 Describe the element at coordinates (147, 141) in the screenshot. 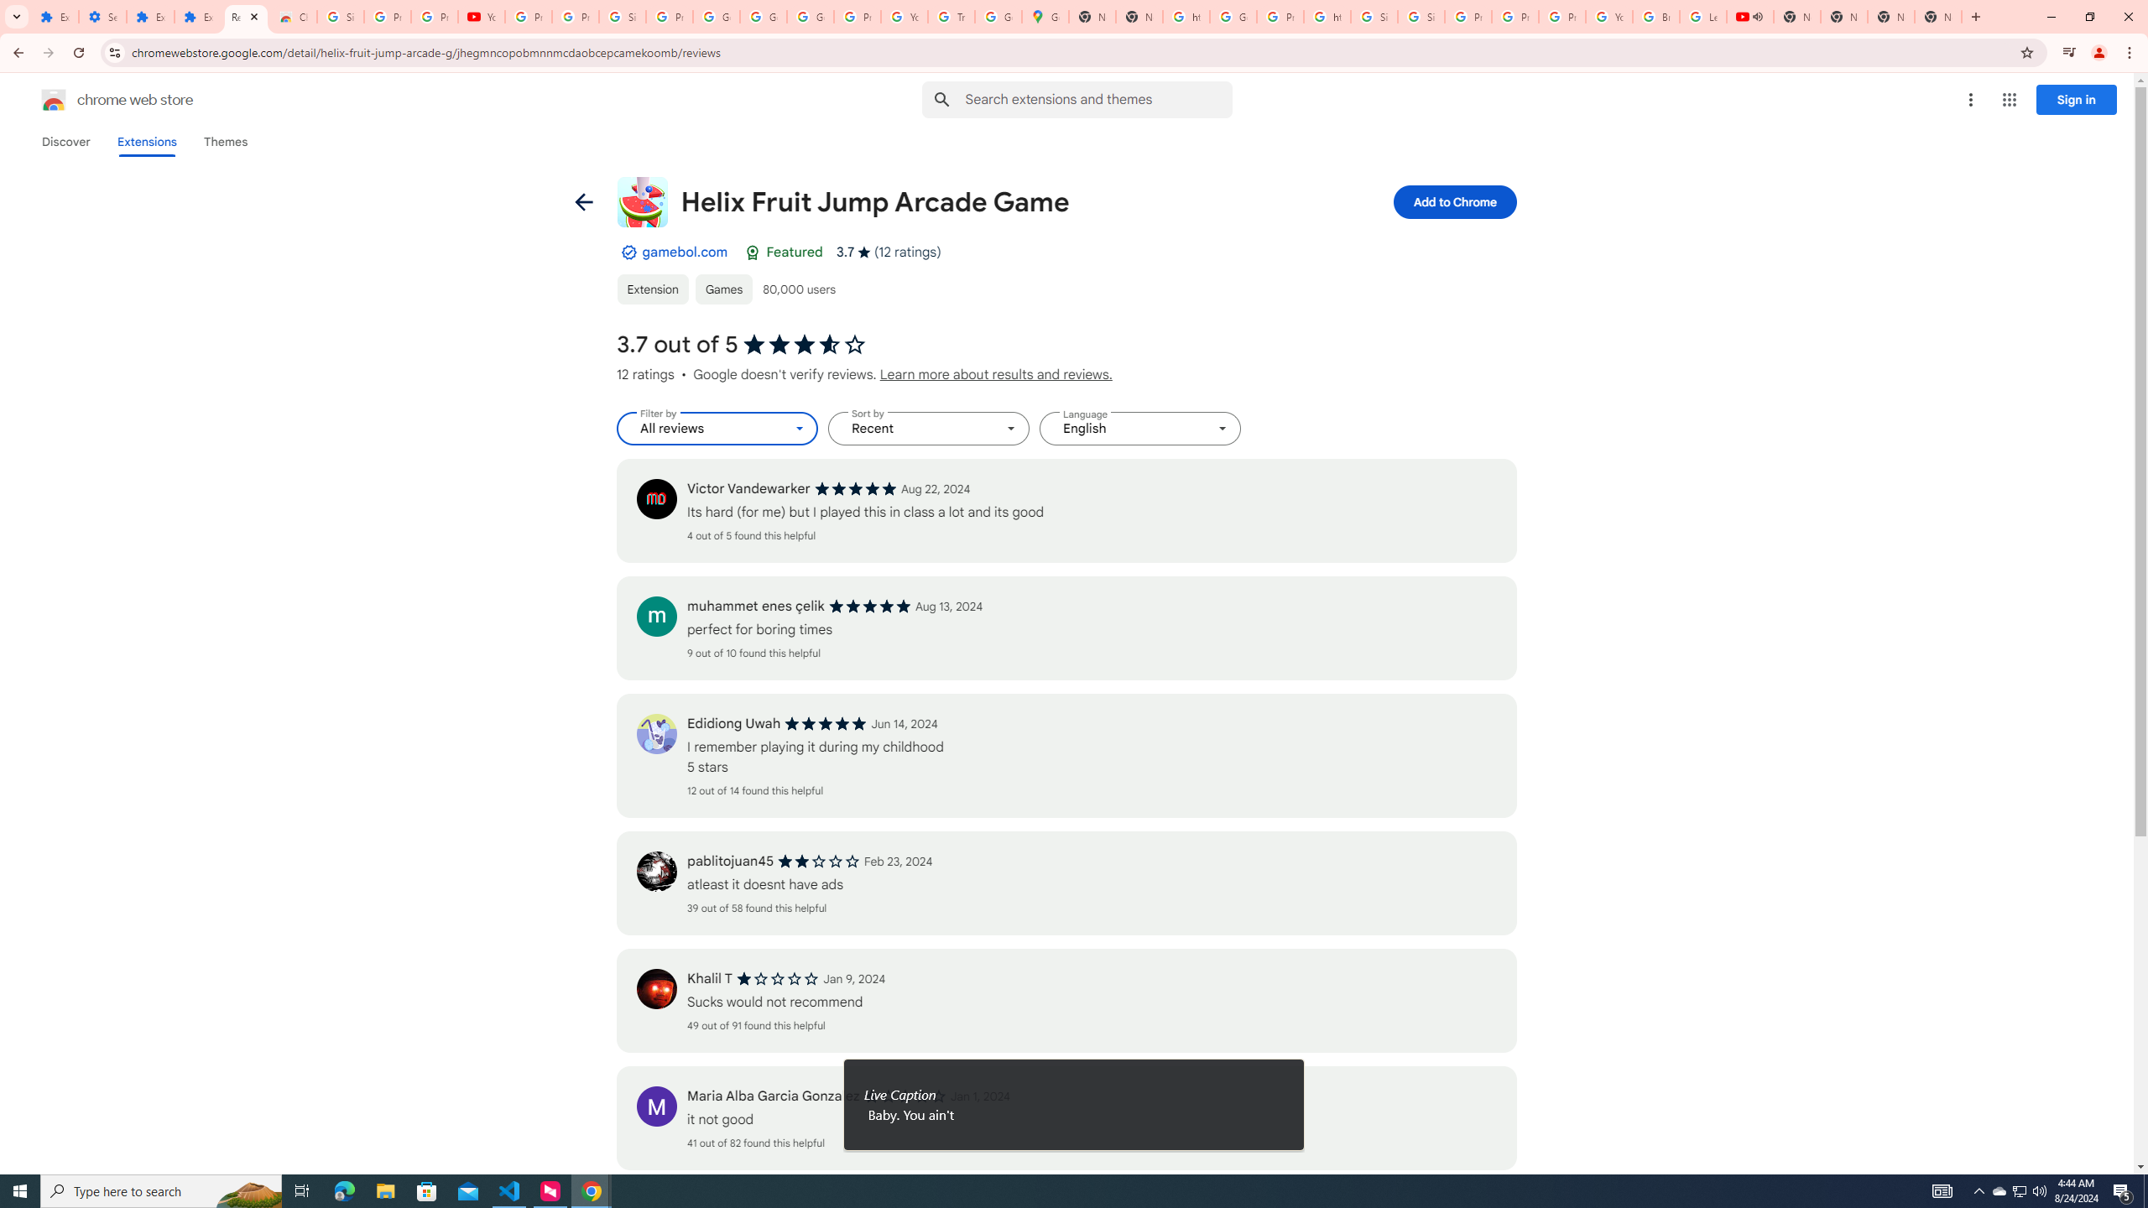

I see `'Extensions'` at that location.